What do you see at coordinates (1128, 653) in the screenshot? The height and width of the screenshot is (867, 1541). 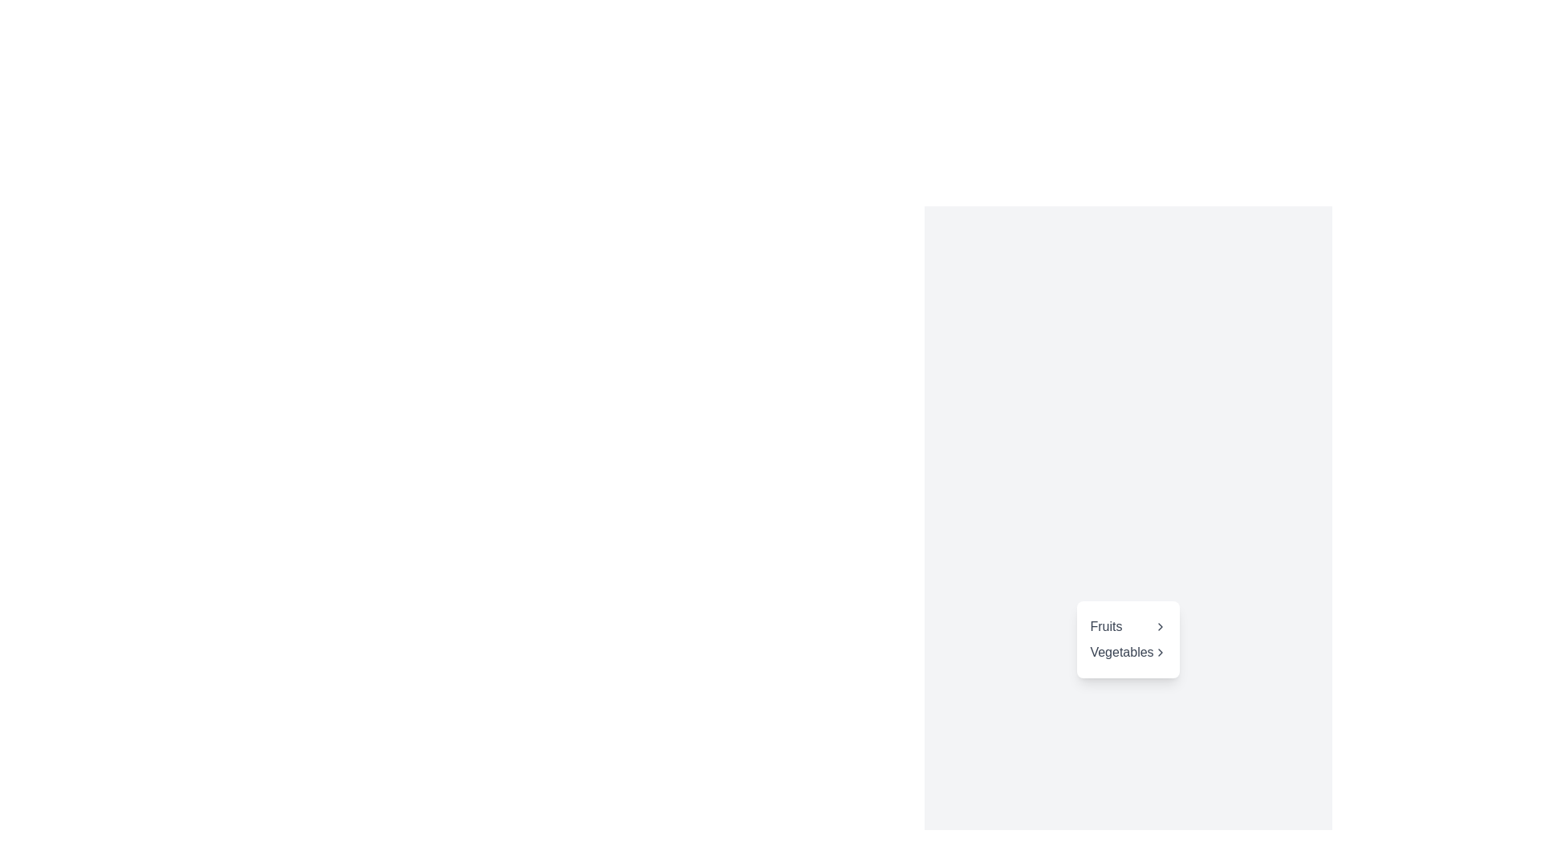 I see `the interactive label for the category 'Vegetables'` at bounding box center [1128, 653].